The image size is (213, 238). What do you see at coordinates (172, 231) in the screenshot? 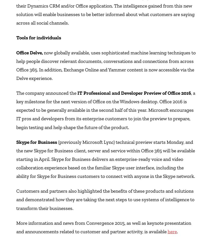
I see `'here'` at bounding box center [172, 231].